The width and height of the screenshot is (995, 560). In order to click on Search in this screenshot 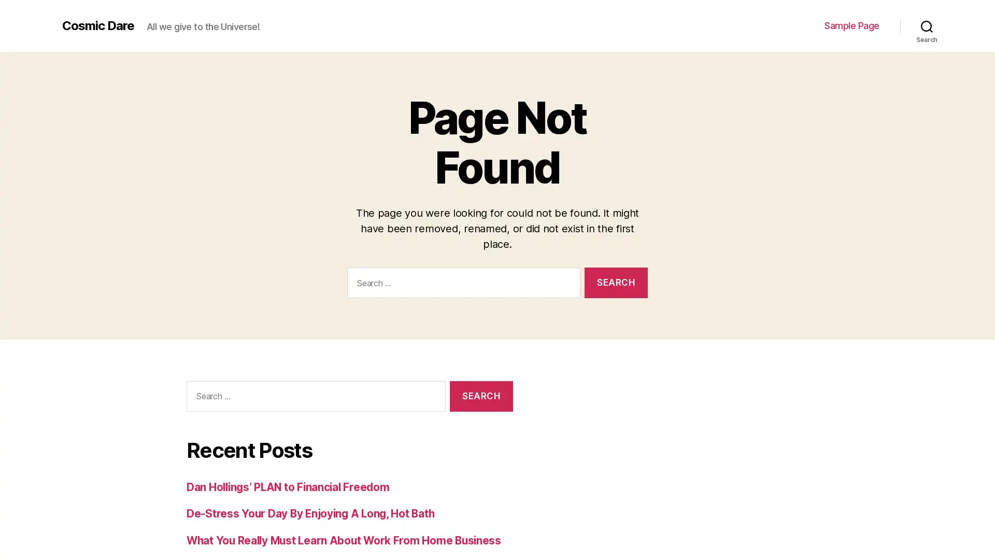, I will do `click(927, 25)`.